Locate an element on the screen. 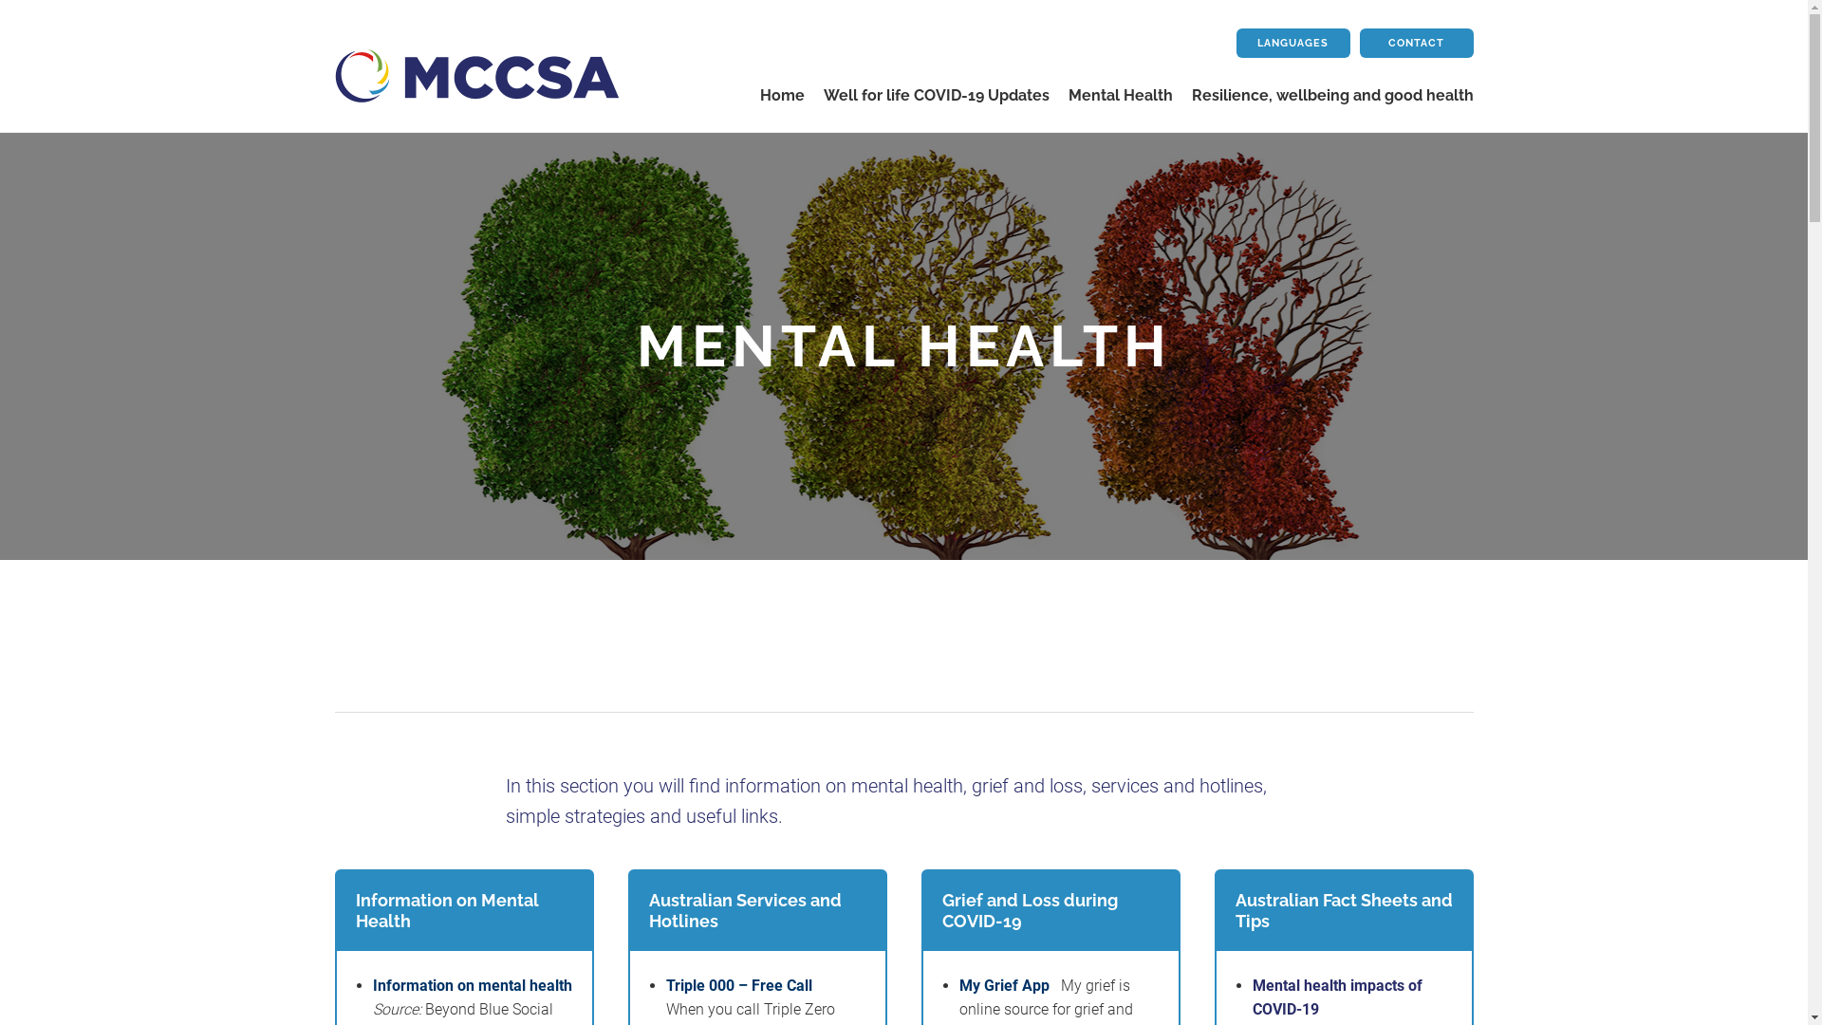  'Information on mental health' is located at coordinates (472, 984).